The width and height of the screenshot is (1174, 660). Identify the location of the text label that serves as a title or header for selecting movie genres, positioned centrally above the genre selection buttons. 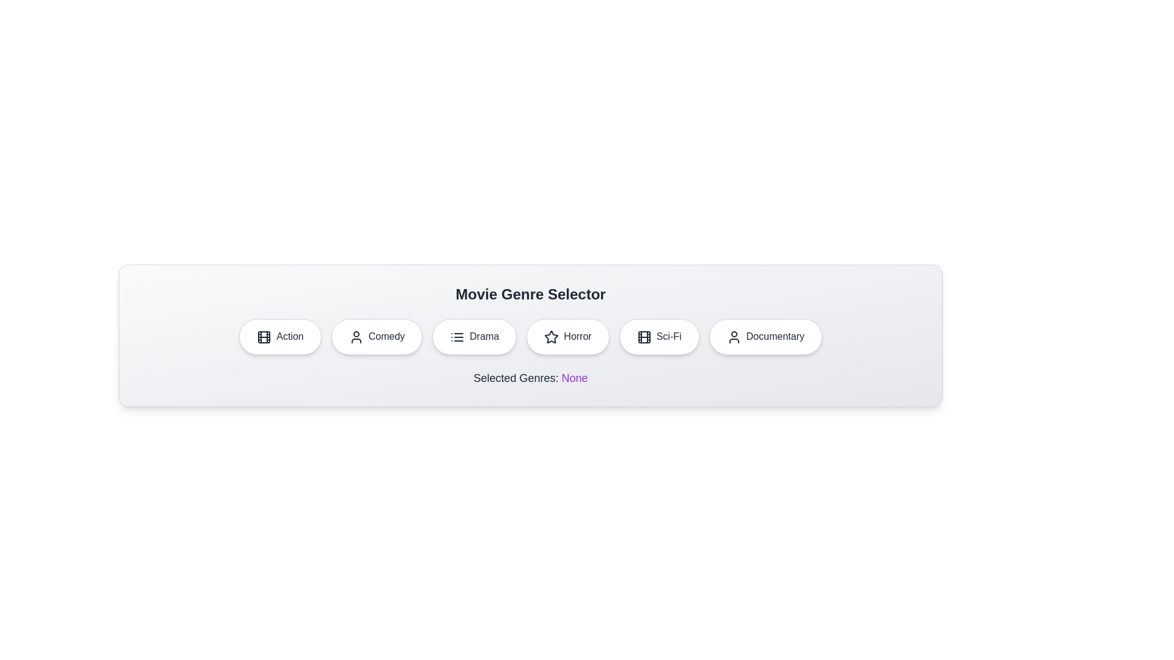
(531, 295).